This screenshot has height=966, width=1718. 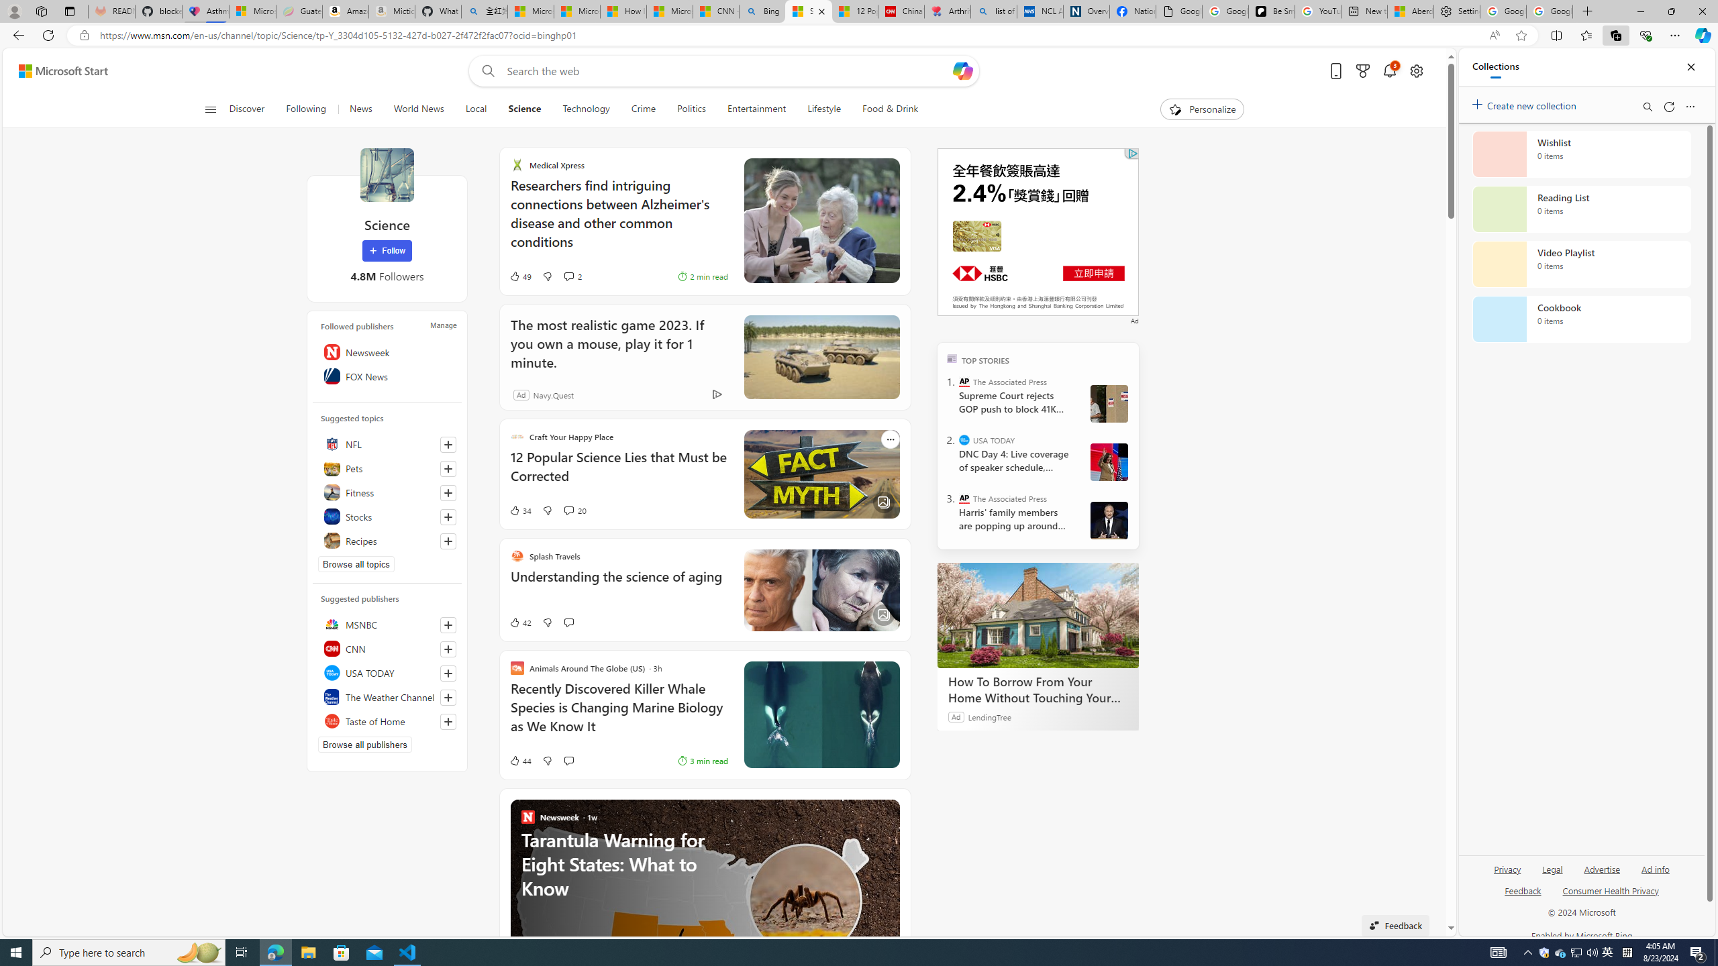 I want to click on 'How To Borrow From Your Home Without Touching Your Mortgage', so click(x=1038, y=614).